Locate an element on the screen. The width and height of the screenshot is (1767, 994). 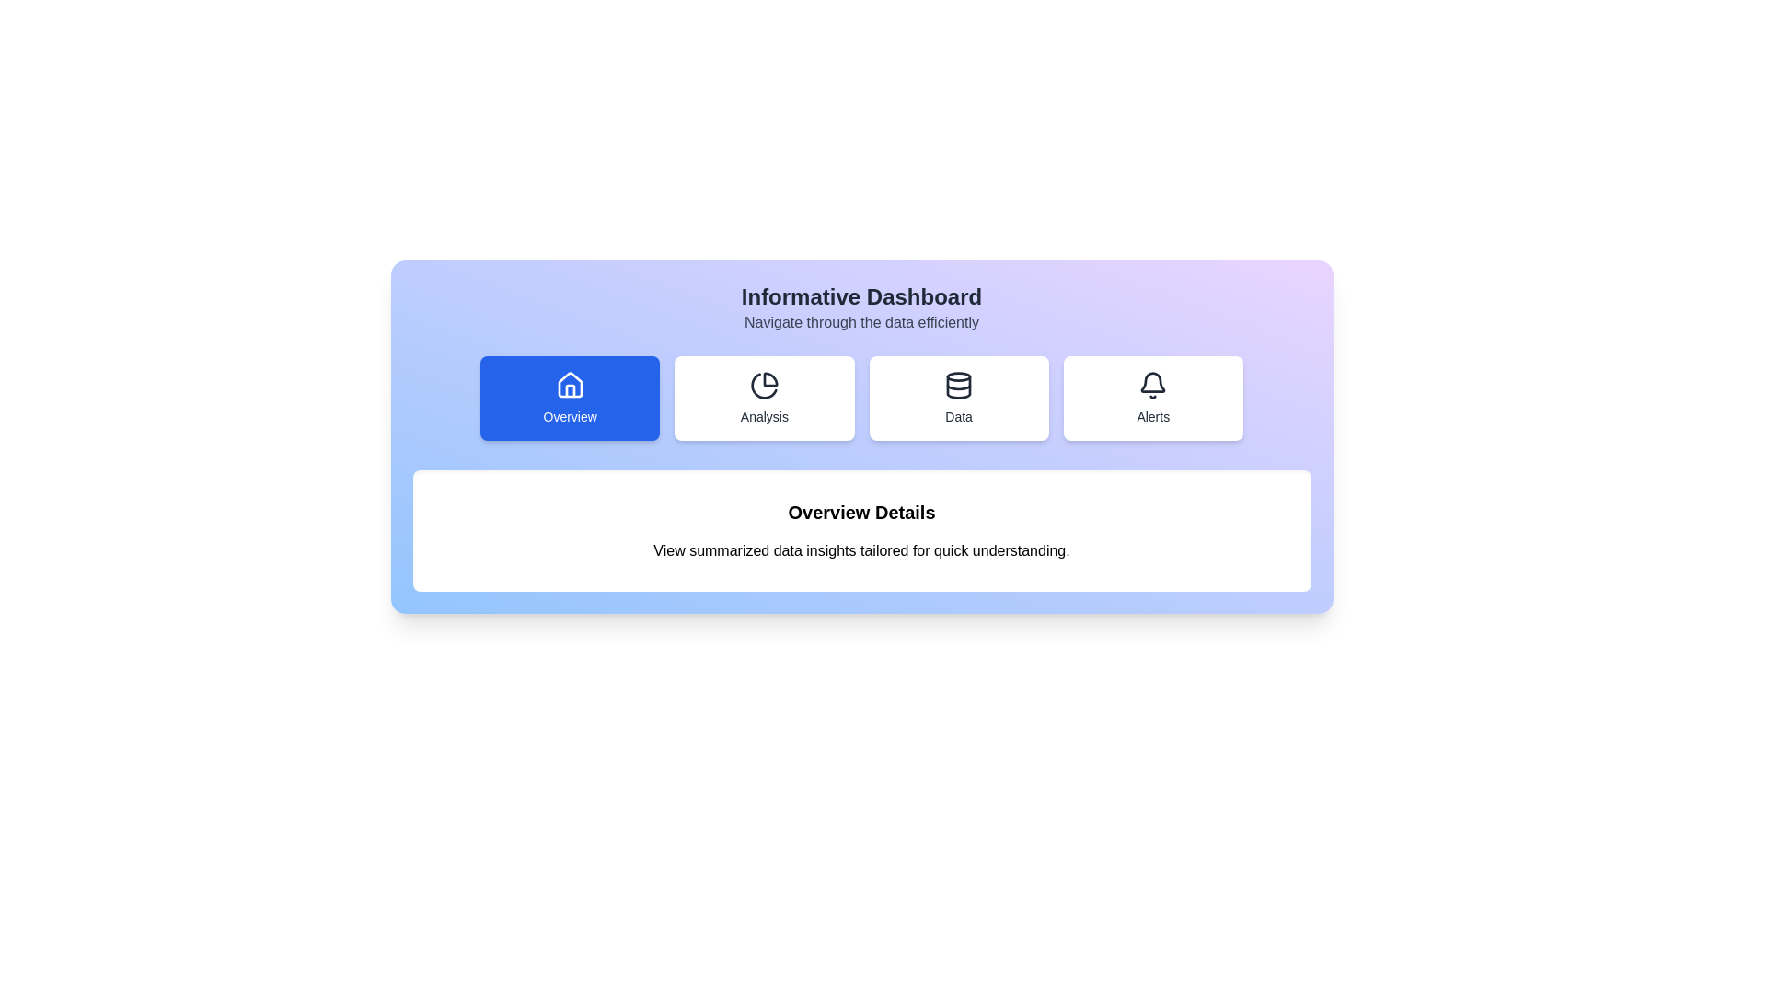
the text label that indicates the alerts card, located under the bell icon in the fourth card of the navigation options is located at coordinates (1152, 416).